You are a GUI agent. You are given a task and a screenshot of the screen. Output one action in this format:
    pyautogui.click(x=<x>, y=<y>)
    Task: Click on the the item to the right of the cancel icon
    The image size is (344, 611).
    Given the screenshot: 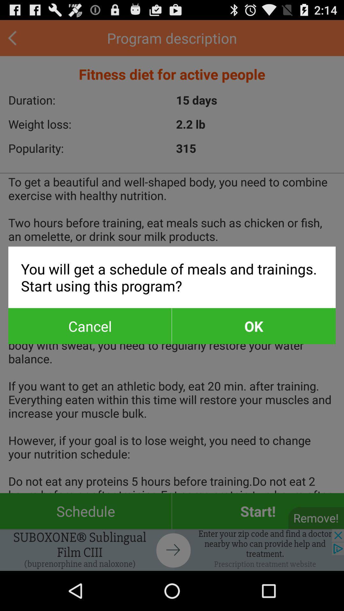 What is the action you would take?
    pyautogui.click(x=253, y=326)
    